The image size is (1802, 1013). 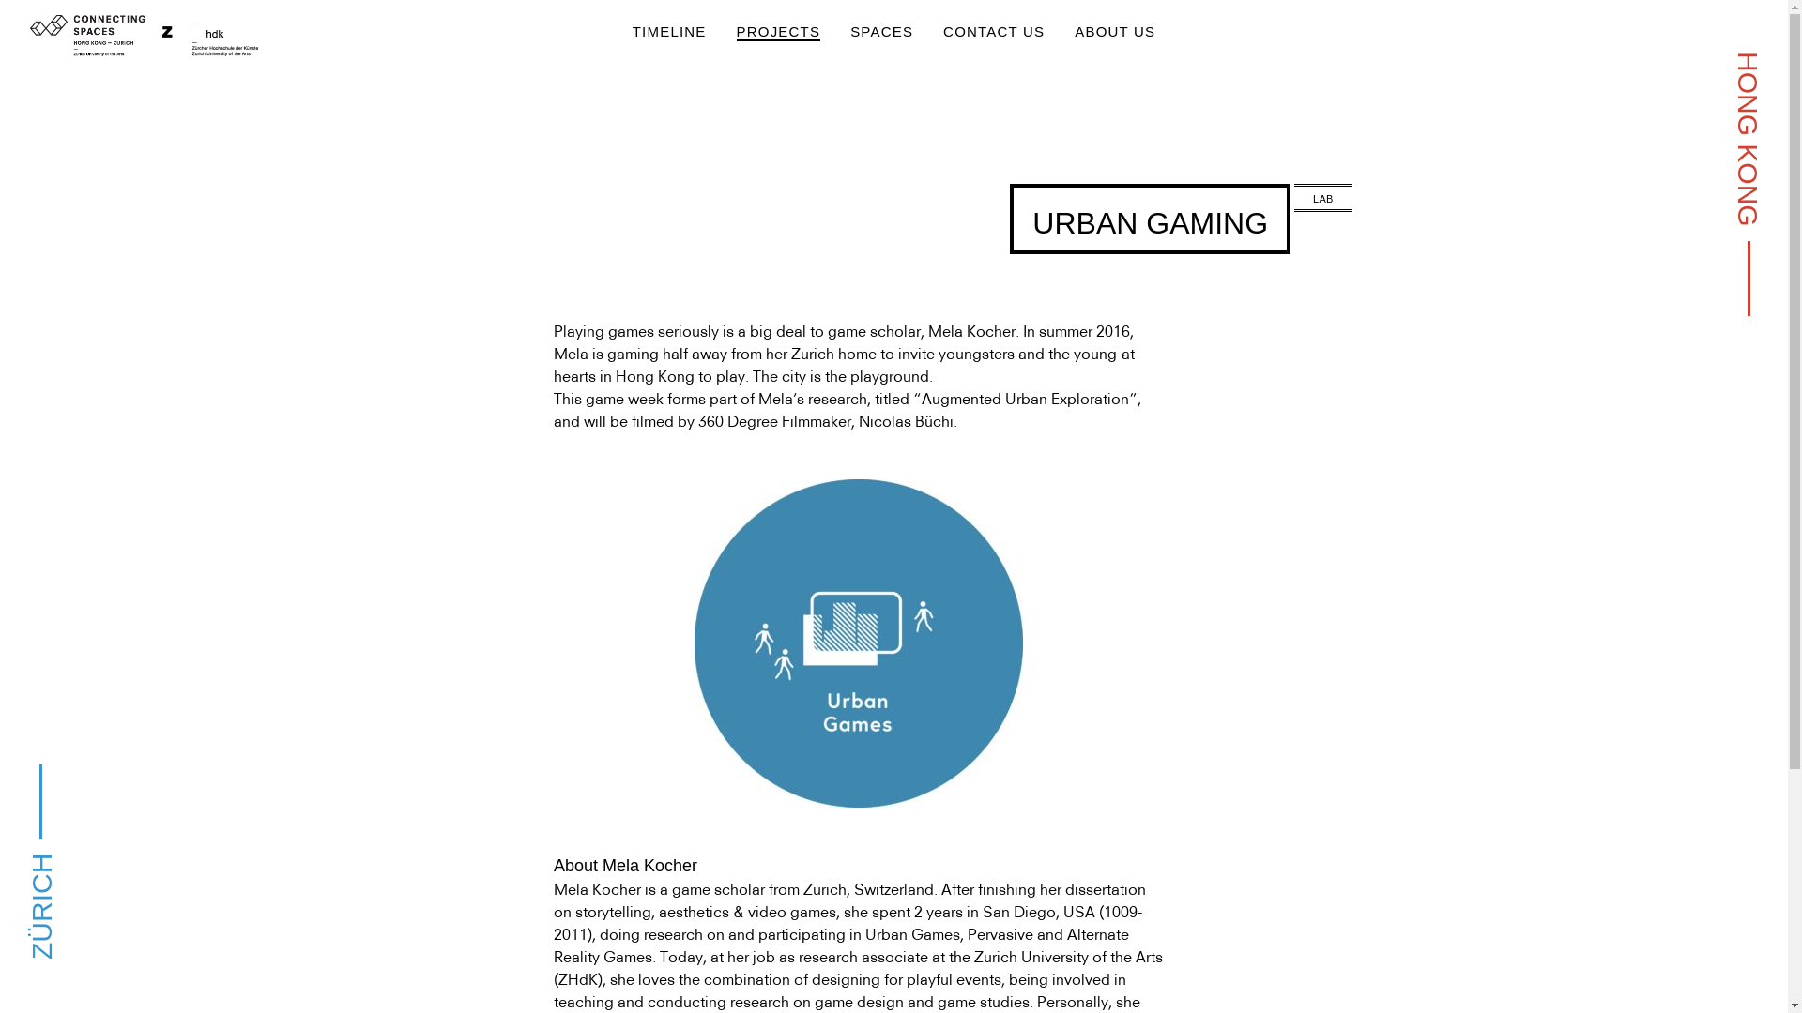 What do you see at coordinates (669, 32) in the screenshot?
I see `'TIMELINE'` at bounding box center [669, 32].